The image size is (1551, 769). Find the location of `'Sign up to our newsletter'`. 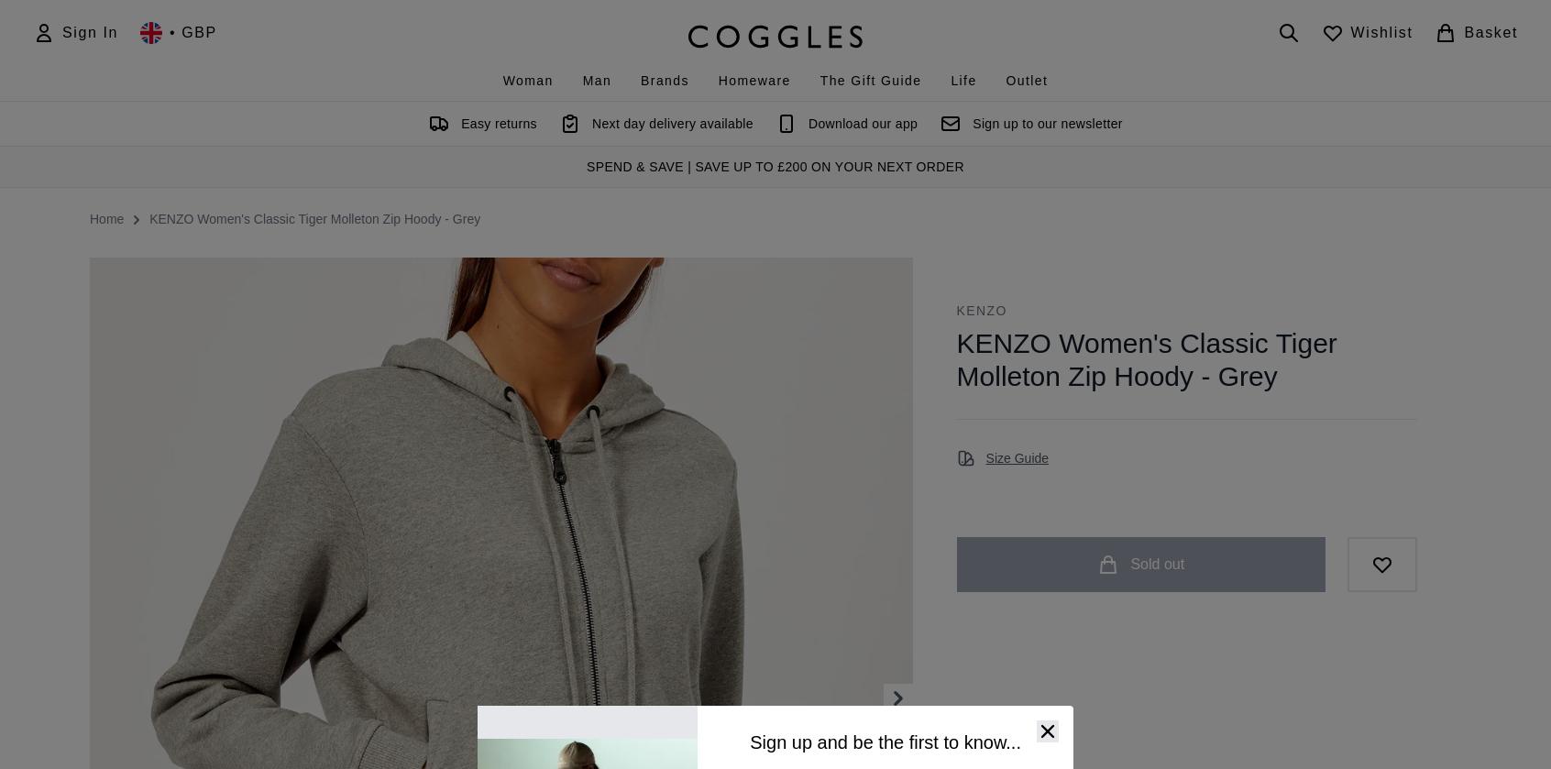

'Sign up to our newsletter' is located at coordinates (973, 123).